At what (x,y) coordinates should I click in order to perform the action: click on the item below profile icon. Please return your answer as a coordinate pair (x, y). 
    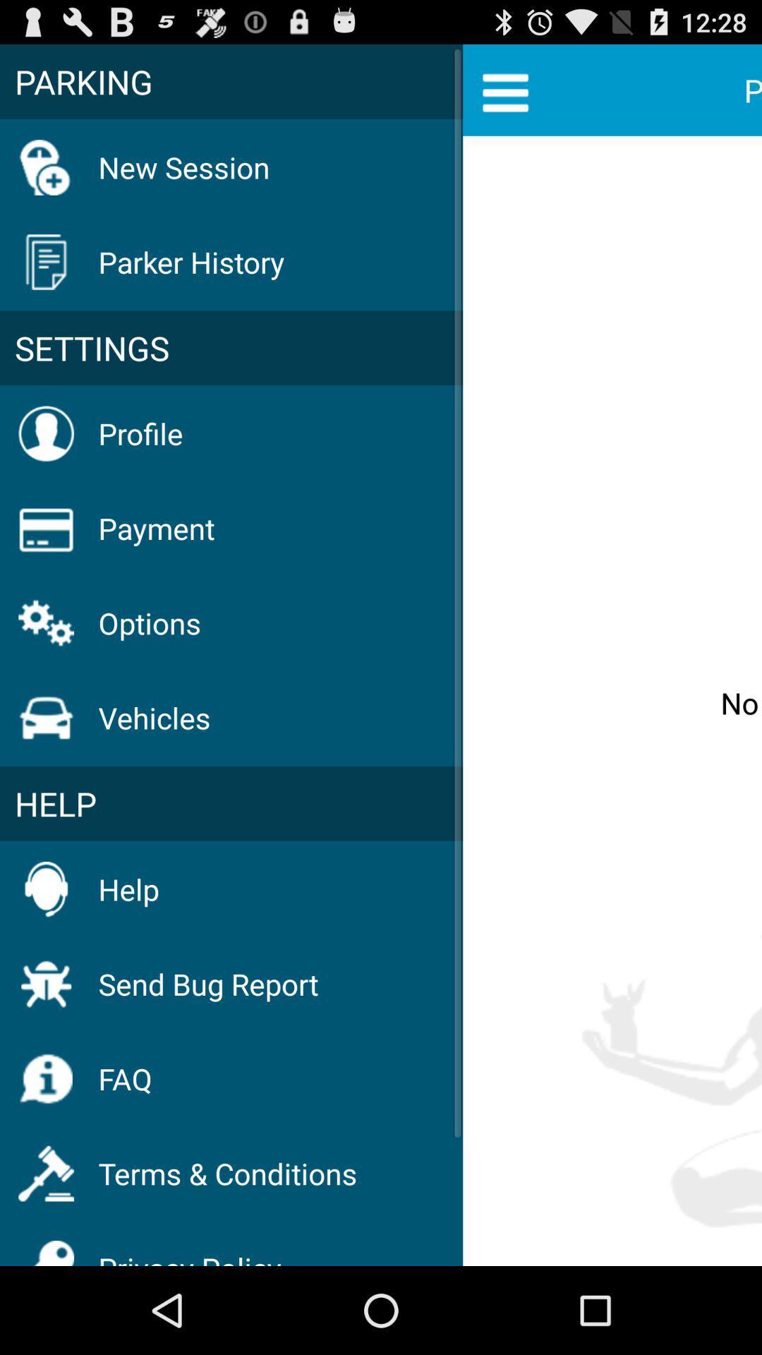
    Looking at the image, I should click on (157, 527).